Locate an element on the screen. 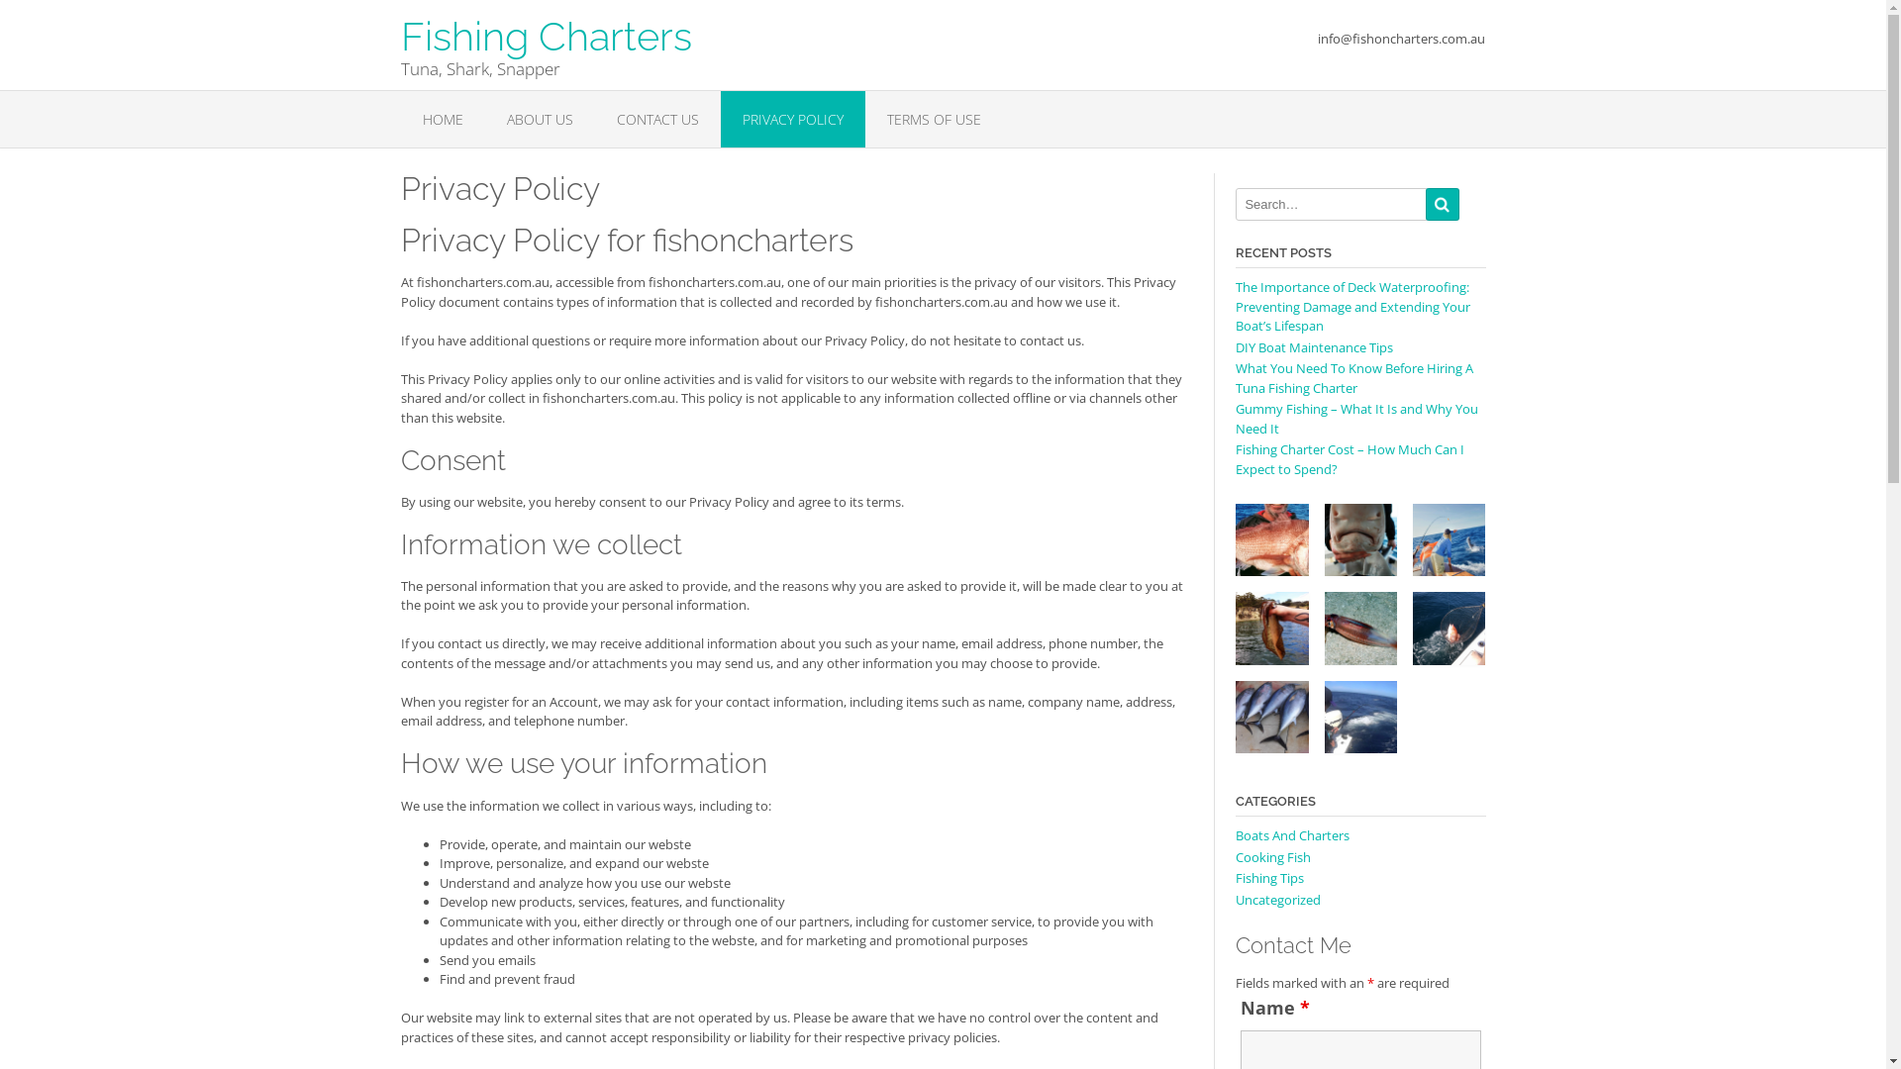 The image size is (1901, 1069). 'CONTACT US' is located at coordinates (593, 119).